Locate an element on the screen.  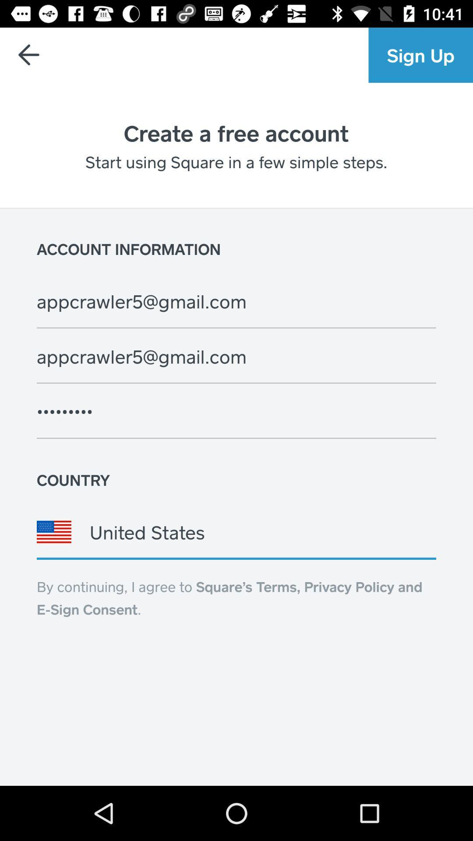
the icon above the by continuing i item is located at coordinates (236, 531).